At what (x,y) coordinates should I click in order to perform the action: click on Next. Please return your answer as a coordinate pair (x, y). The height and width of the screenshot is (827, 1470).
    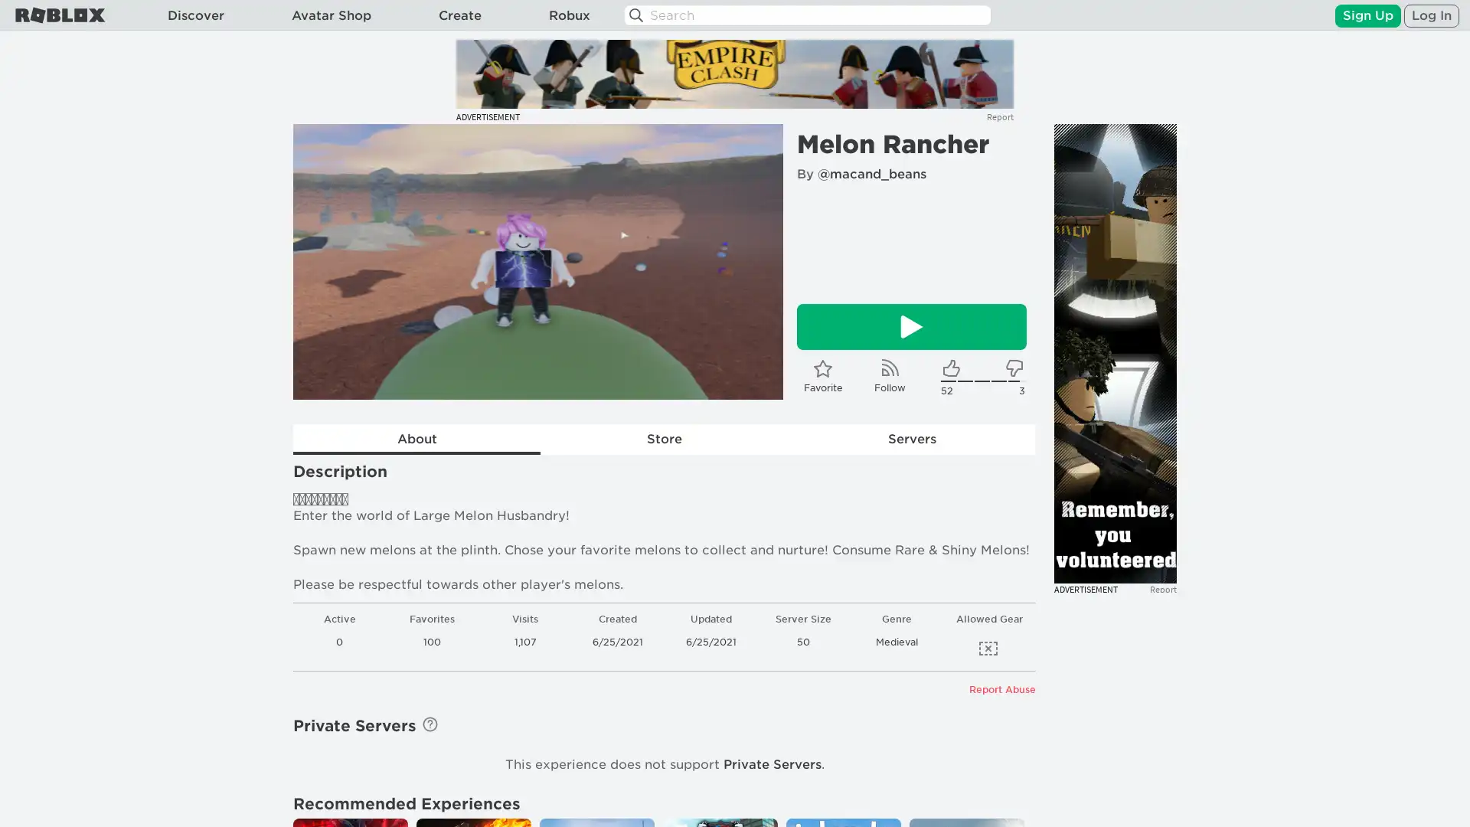
    Looking at the image, I should click on (750, 261).